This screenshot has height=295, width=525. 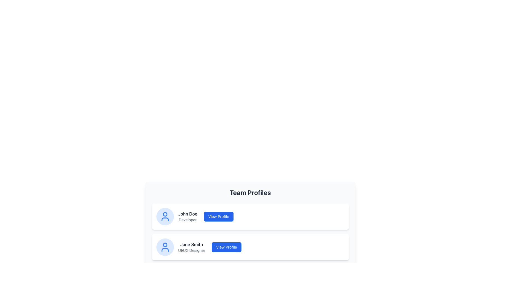 What do you see at coordinates (188, 214) in the screenshot?
I see `text label displaying the name 'John Doe' located at the top of the profile card, which is the first card in a vertical list` at bounding box center [188, 214].